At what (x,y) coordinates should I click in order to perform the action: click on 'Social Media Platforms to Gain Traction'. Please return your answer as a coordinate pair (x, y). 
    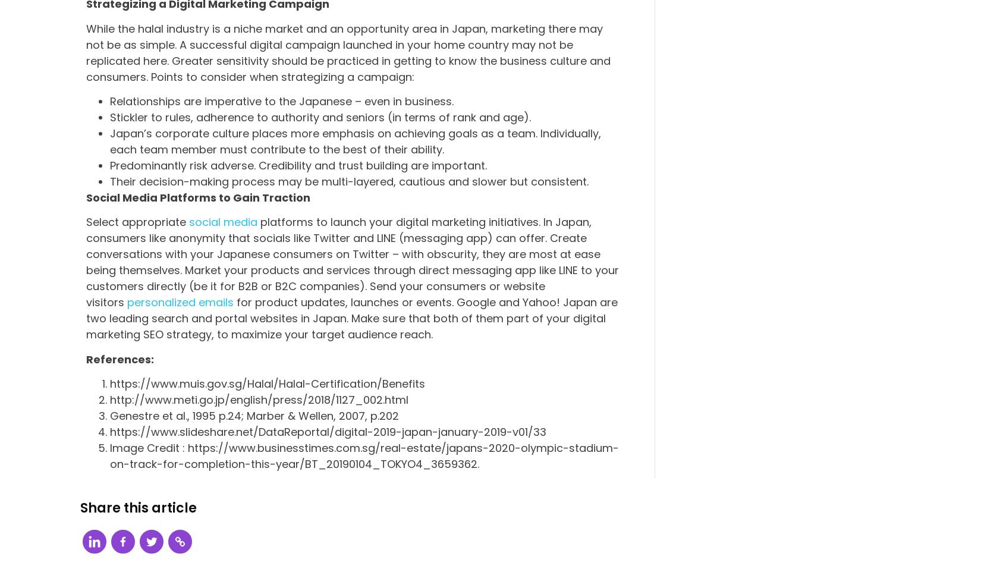
    Looking at the image, I should click on (86, 197).